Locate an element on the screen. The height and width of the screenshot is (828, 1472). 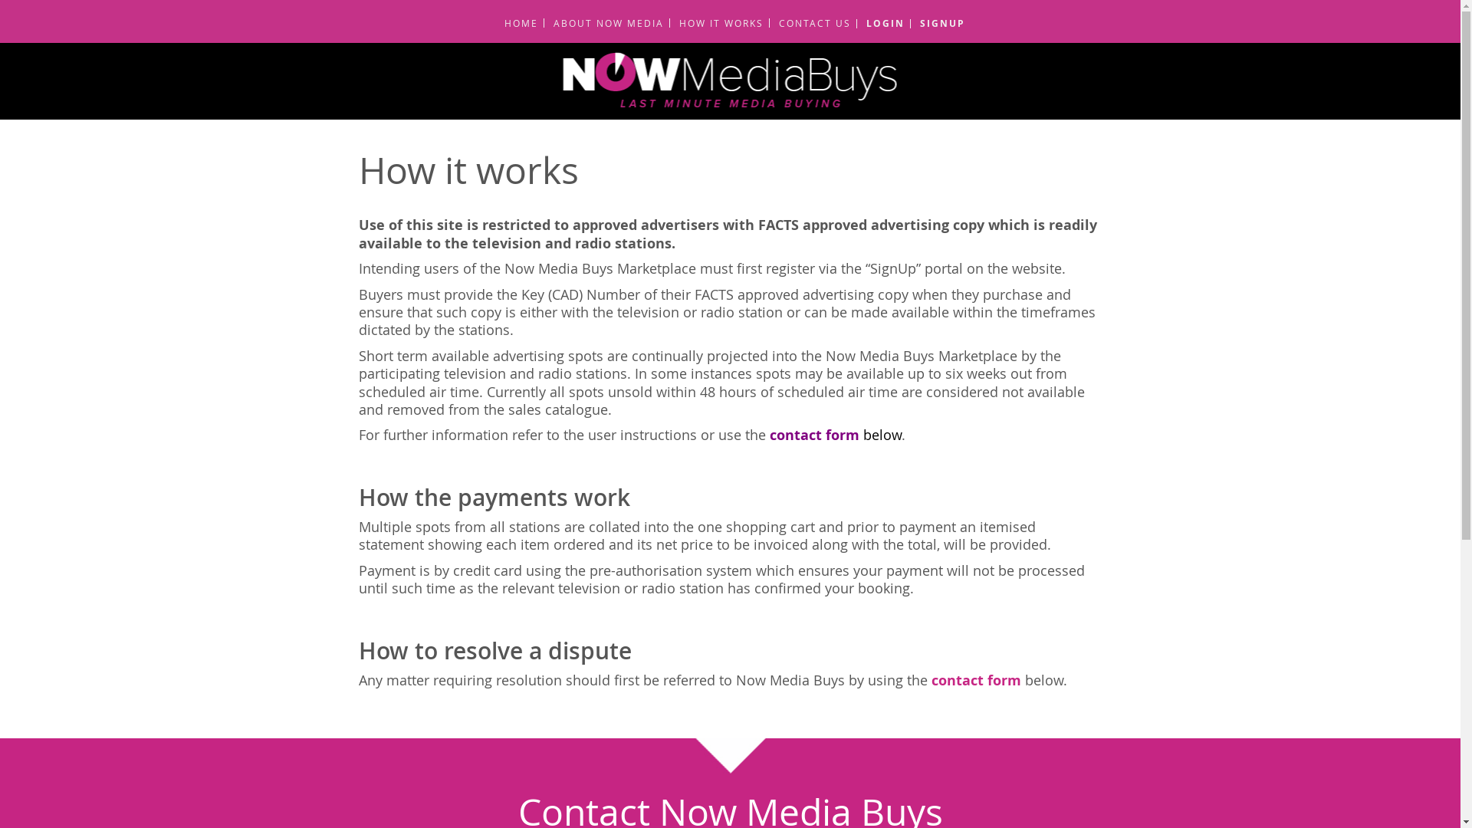
'HOW IT WORKS' is located at coordinates (715, 23).